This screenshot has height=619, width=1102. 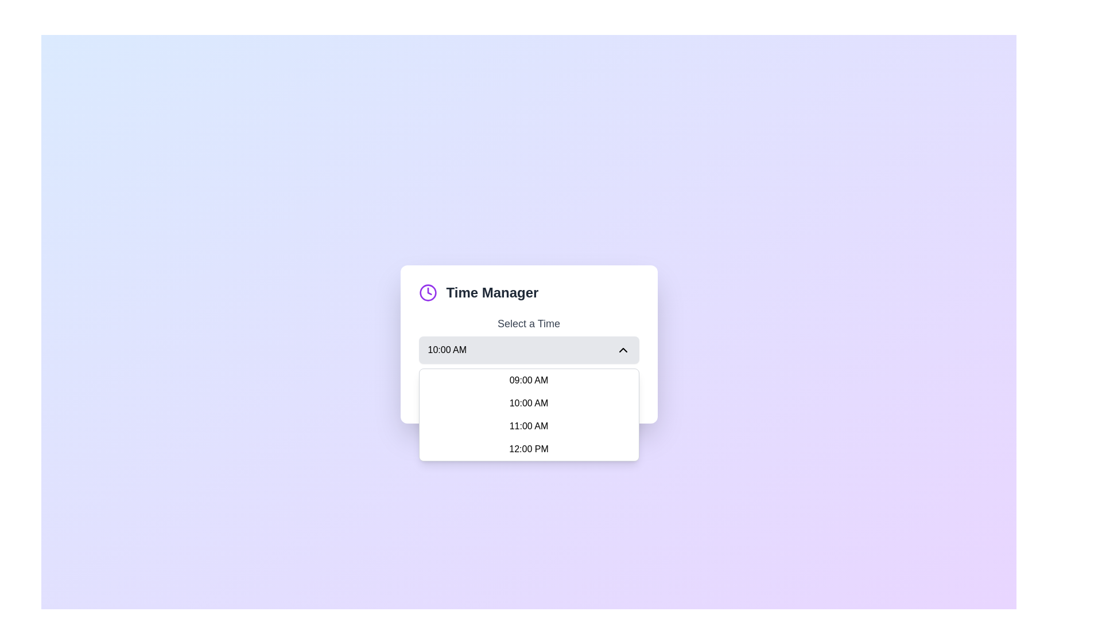 I want to click on the calendar button located on the right-hand side of the interface, which allows the user, so click(x=593, y=390).